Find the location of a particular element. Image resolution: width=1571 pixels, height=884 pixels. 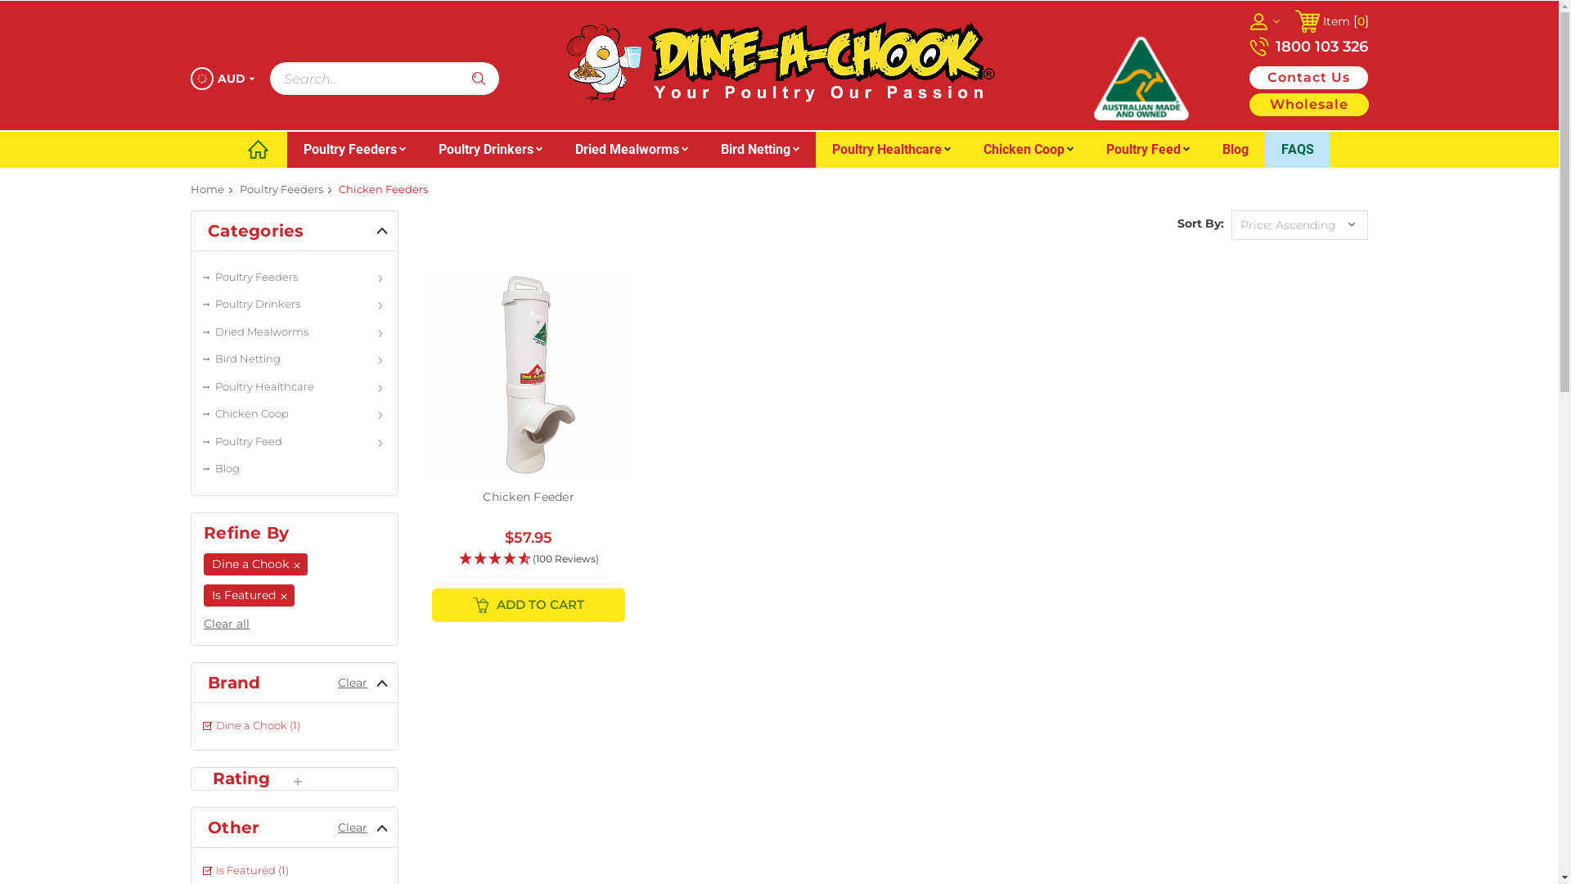

'FAQS' is located at coordinates (1263, 149).